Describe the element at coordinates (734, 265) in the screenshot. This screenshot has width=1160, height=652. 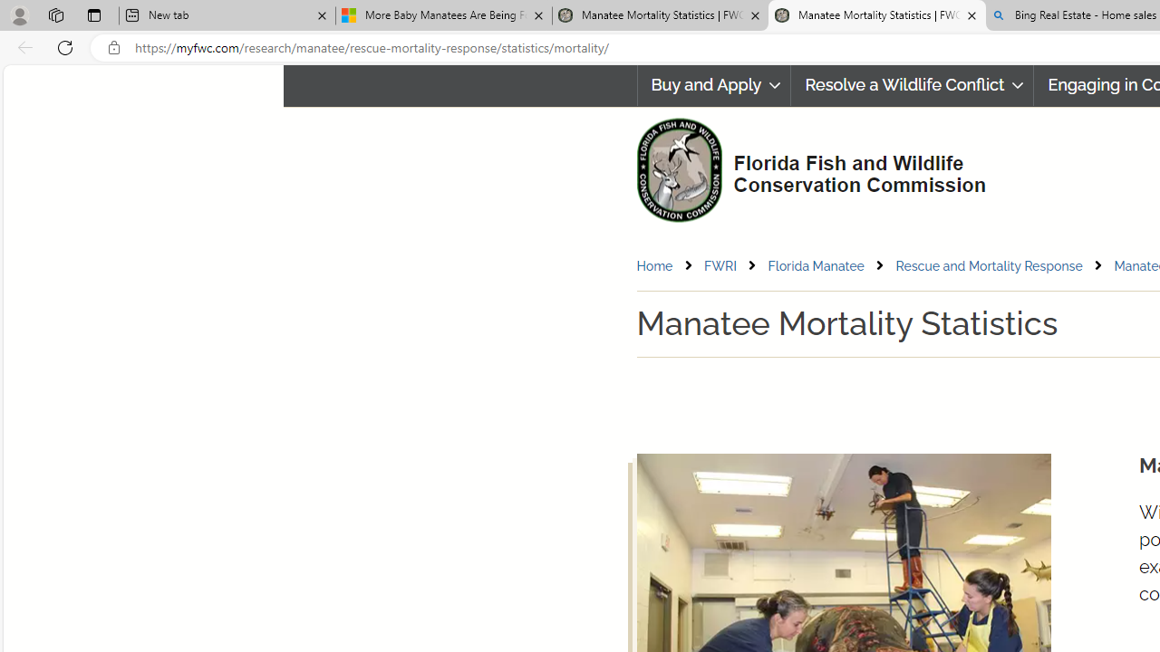
I see `'FWRI'` at that location.